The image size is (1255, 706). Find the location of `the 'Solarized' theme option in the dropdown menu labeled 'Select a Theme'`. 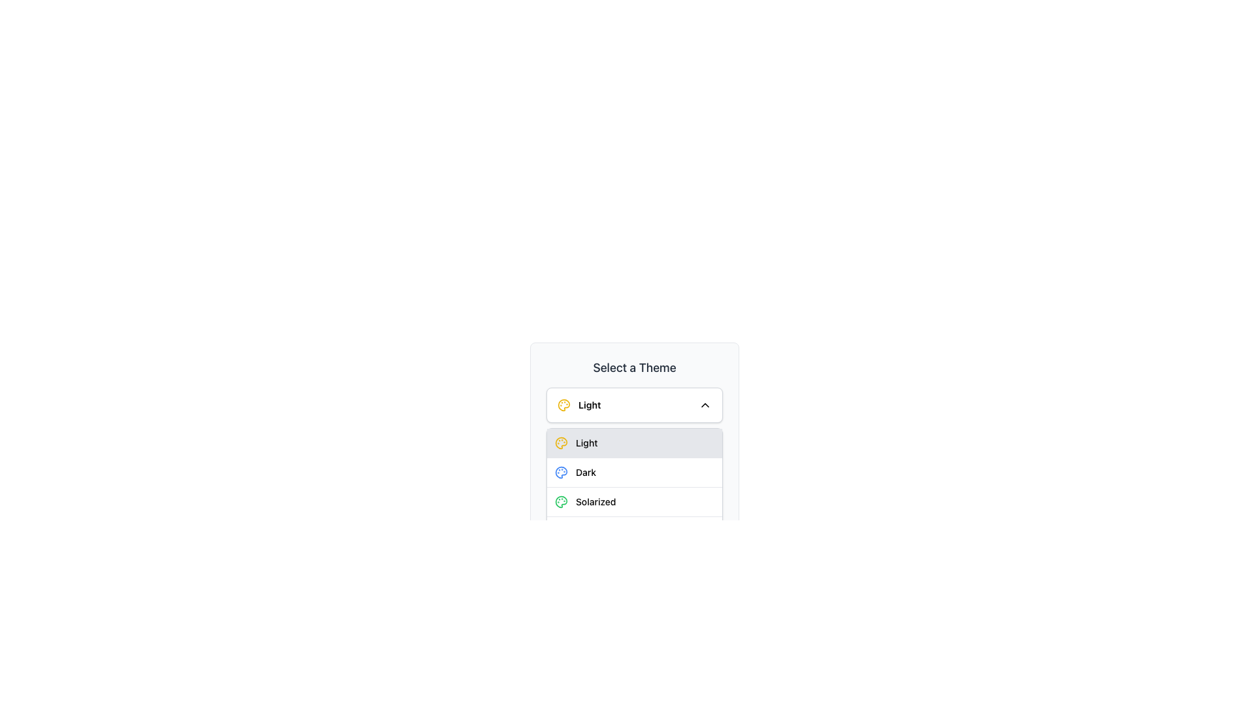

the 'Solarized' theme option in the dropdown menu labeled 'Select a Theme' is located at coordinates (595, 501).